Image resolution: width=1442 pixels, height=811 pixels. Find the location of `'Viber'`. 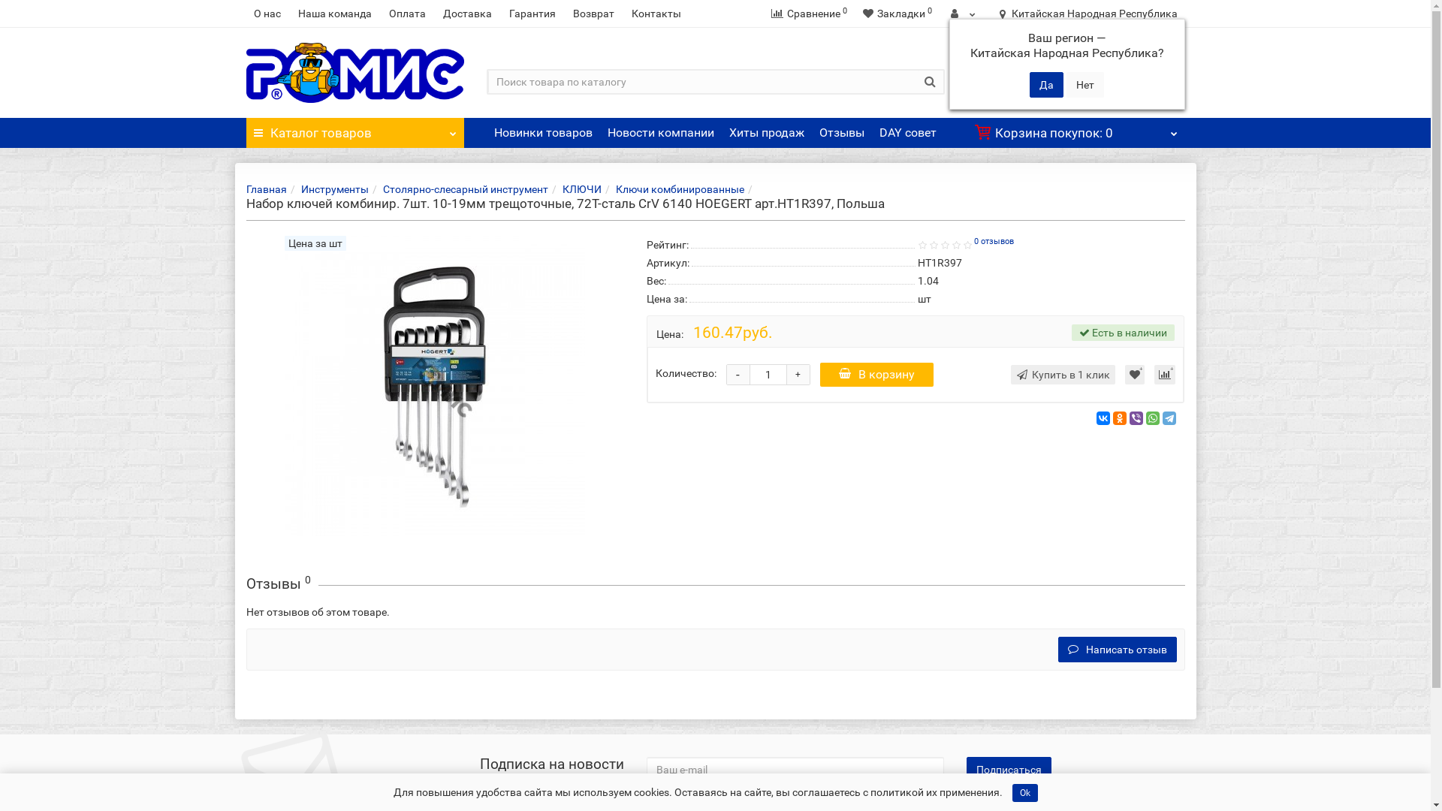

'Viber' is located at coordinates (1136, 418).